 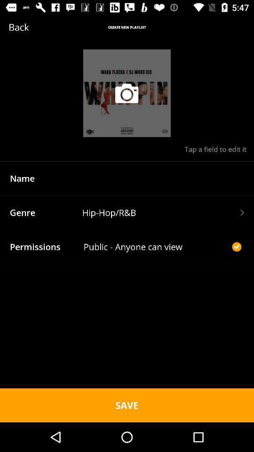 I want to click on the text which is to the left of create new playlist, so click(x=32, y=26).